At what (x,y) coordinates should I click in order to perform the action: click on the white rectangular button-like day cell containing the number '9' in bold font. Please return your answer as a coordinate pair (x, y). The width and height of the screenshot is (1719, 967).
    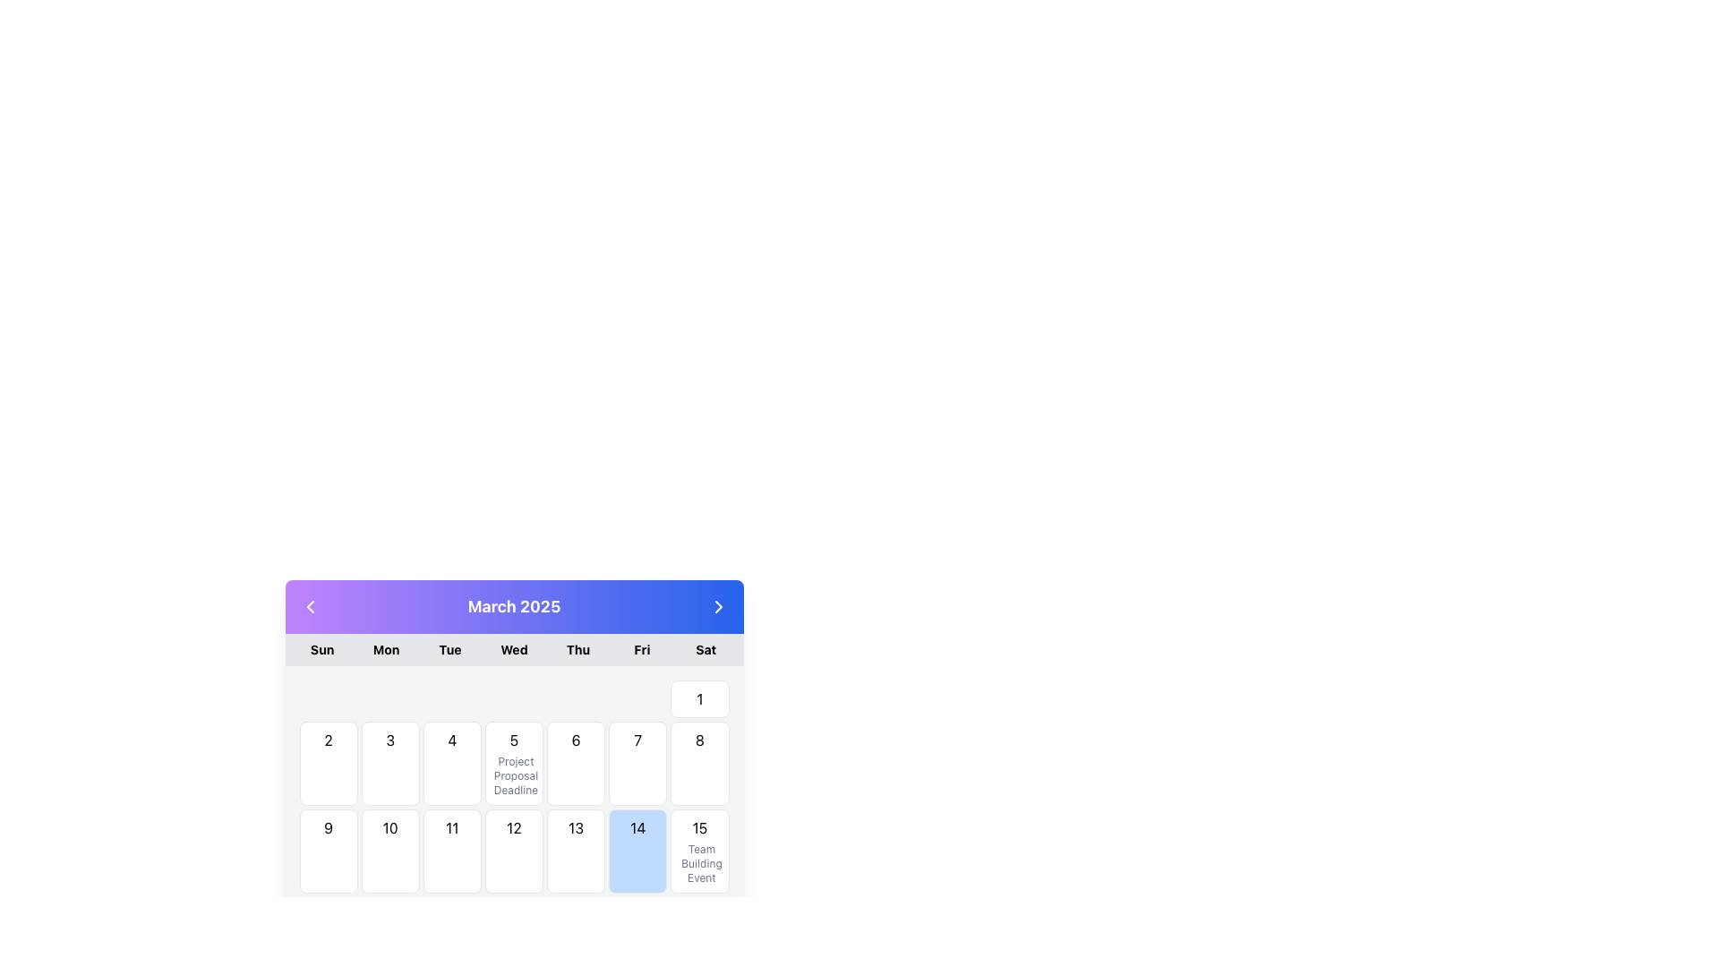
    Looking at the image, I should click on (329, 851).